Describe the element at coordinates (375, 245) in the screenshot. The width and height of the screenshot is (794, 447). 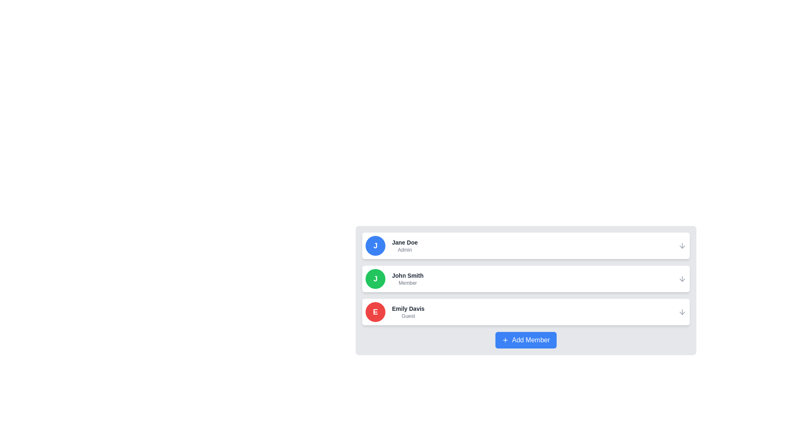
I see `the circular avatar featuring the letter 'J' in bold, white text, which is located on the left side of the first row in a vertically stacked list of user information cards` at that location.